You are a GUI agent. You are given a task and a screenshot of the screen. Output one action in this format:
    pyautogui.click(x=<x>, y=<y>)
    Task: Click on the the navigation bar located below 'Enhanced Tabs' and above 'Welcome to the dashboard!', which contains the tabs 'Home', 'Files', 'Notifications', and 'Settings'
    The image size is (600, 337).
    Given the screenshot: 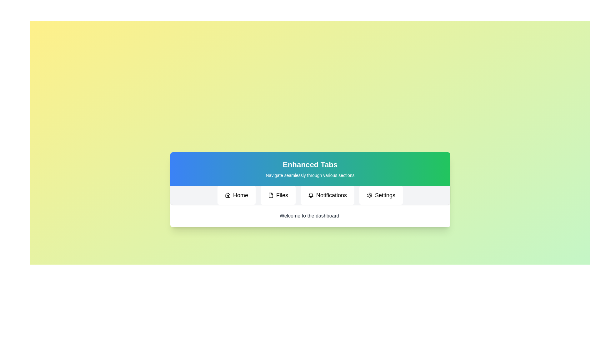 What is the action you would take?
    pyautogui.click(x=310, y=195)
    